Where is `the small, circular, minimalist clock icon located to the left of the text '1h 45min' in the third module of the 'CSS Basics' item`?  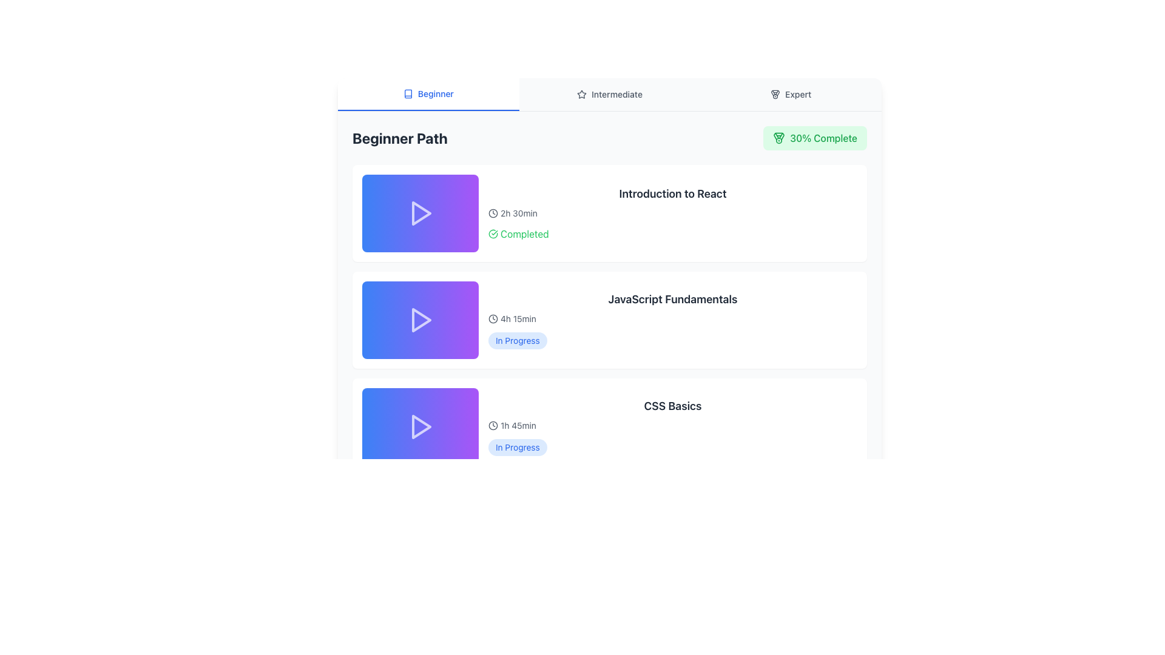
the small, circular, minimalist clock icon located to the left of the text '1h 45min' in the third module of the 'CSS Basics' item is located at coordinates (493, 425).